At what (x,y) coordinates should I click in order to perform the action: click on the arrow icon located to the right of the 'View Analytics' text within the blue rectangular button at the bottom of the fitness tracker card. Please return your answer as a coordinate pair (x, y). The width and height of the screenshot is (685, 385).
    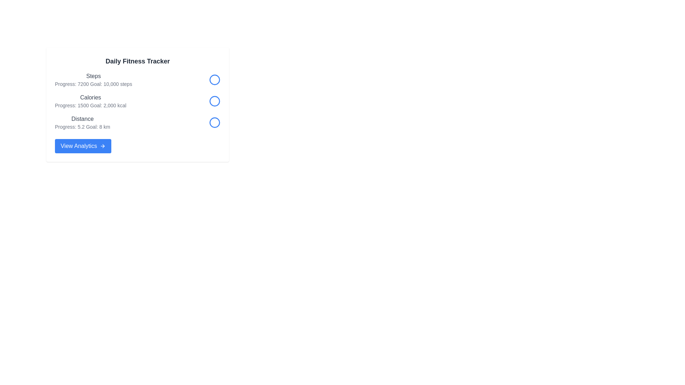
    Looking at the image, I should click on (102, 145).